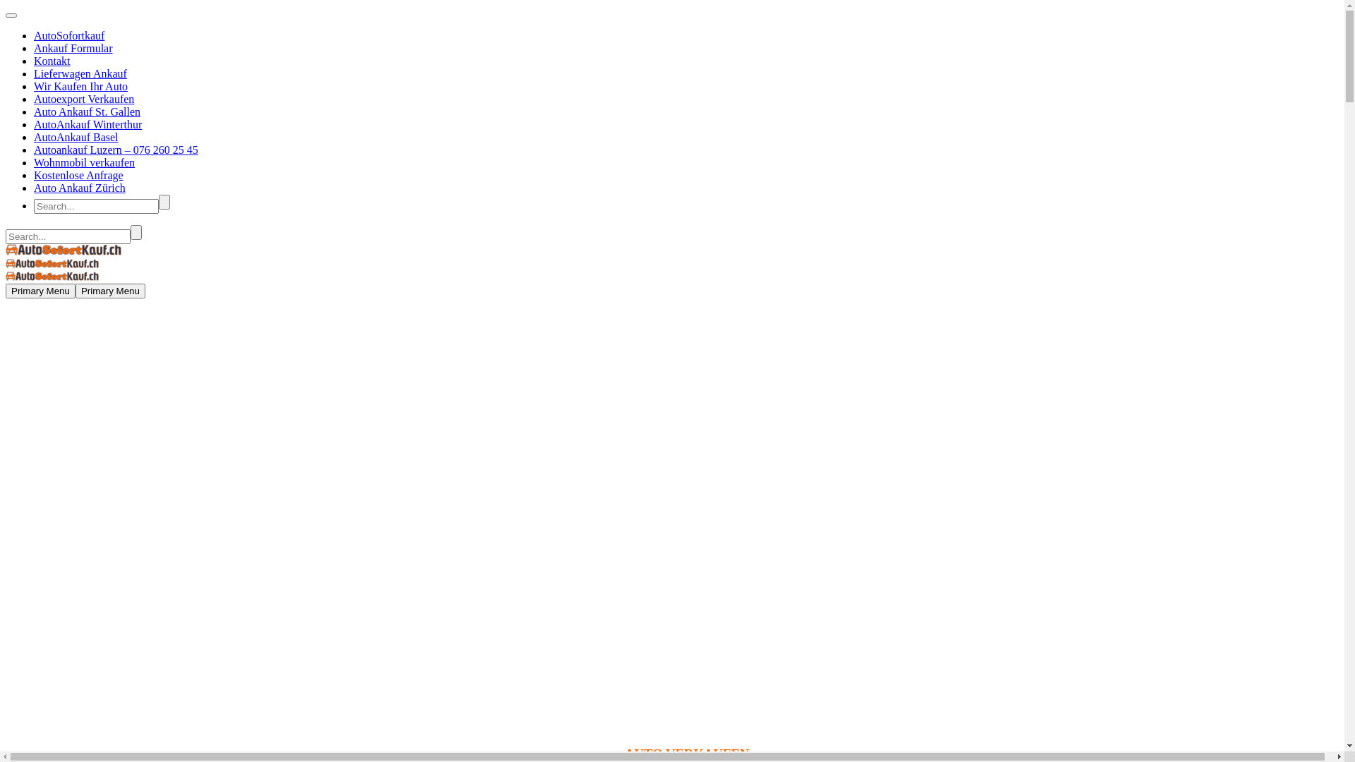  What do you see at coordinates (109, 290) in the screenshot?
I see `'Primary Menu'` at bounding box center [109, 290].